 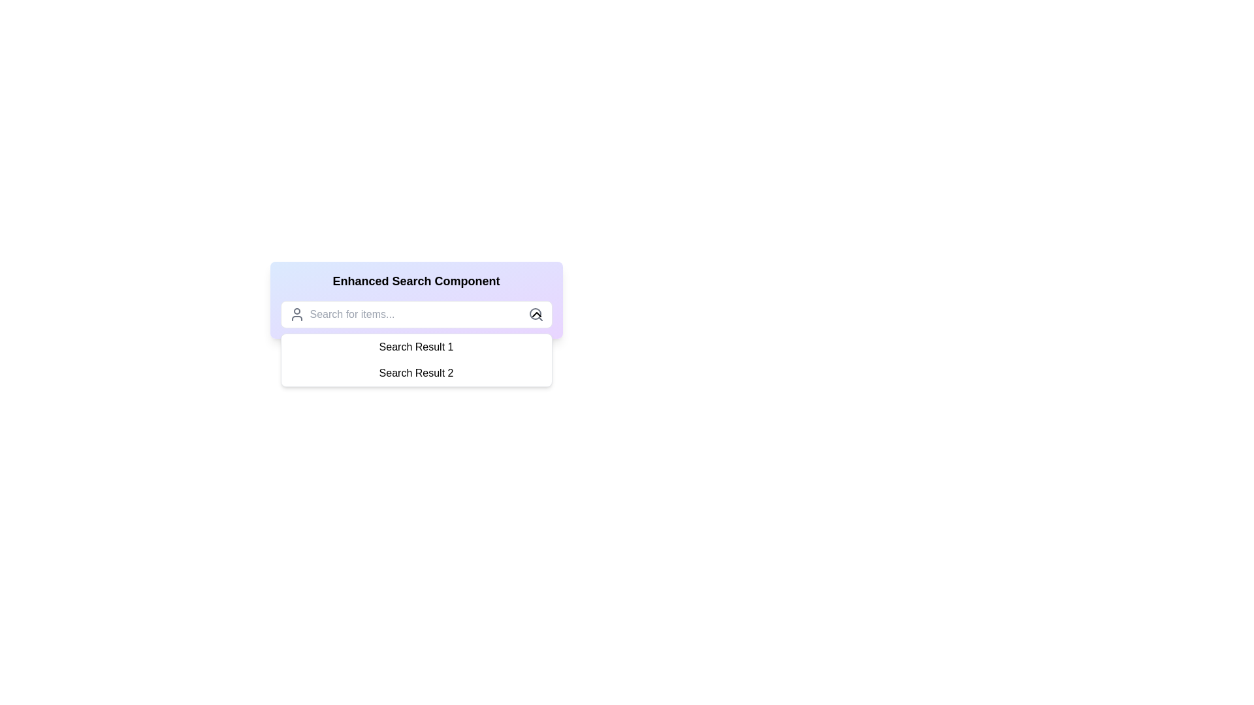 I want to click on the text label 'Search Result 1' in the dropdown list, so click(x=415, y=347).